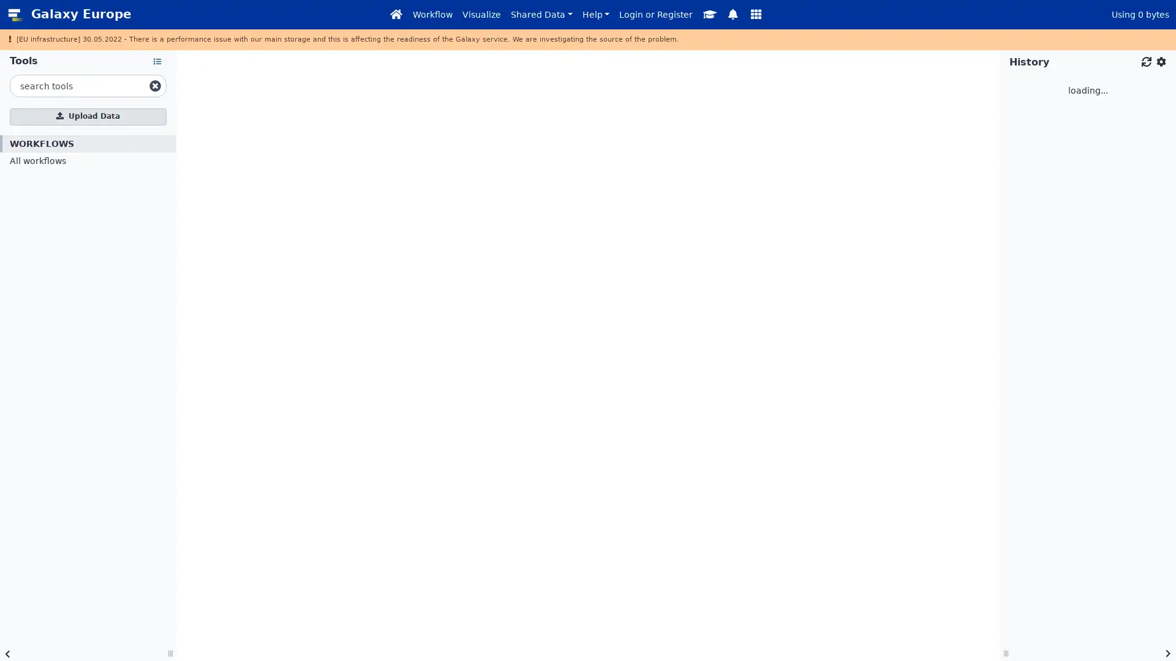 Image resolution: width=1176 pixels, height=661 pixels. I want to click on Download from URL or upload files from disk, so click(88, 116).